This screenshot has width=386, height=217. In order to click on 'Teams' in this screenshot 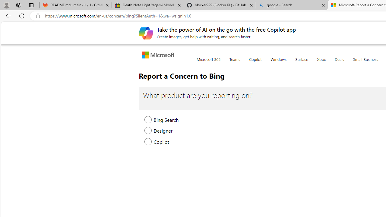, I will do `click(234, 63)`.